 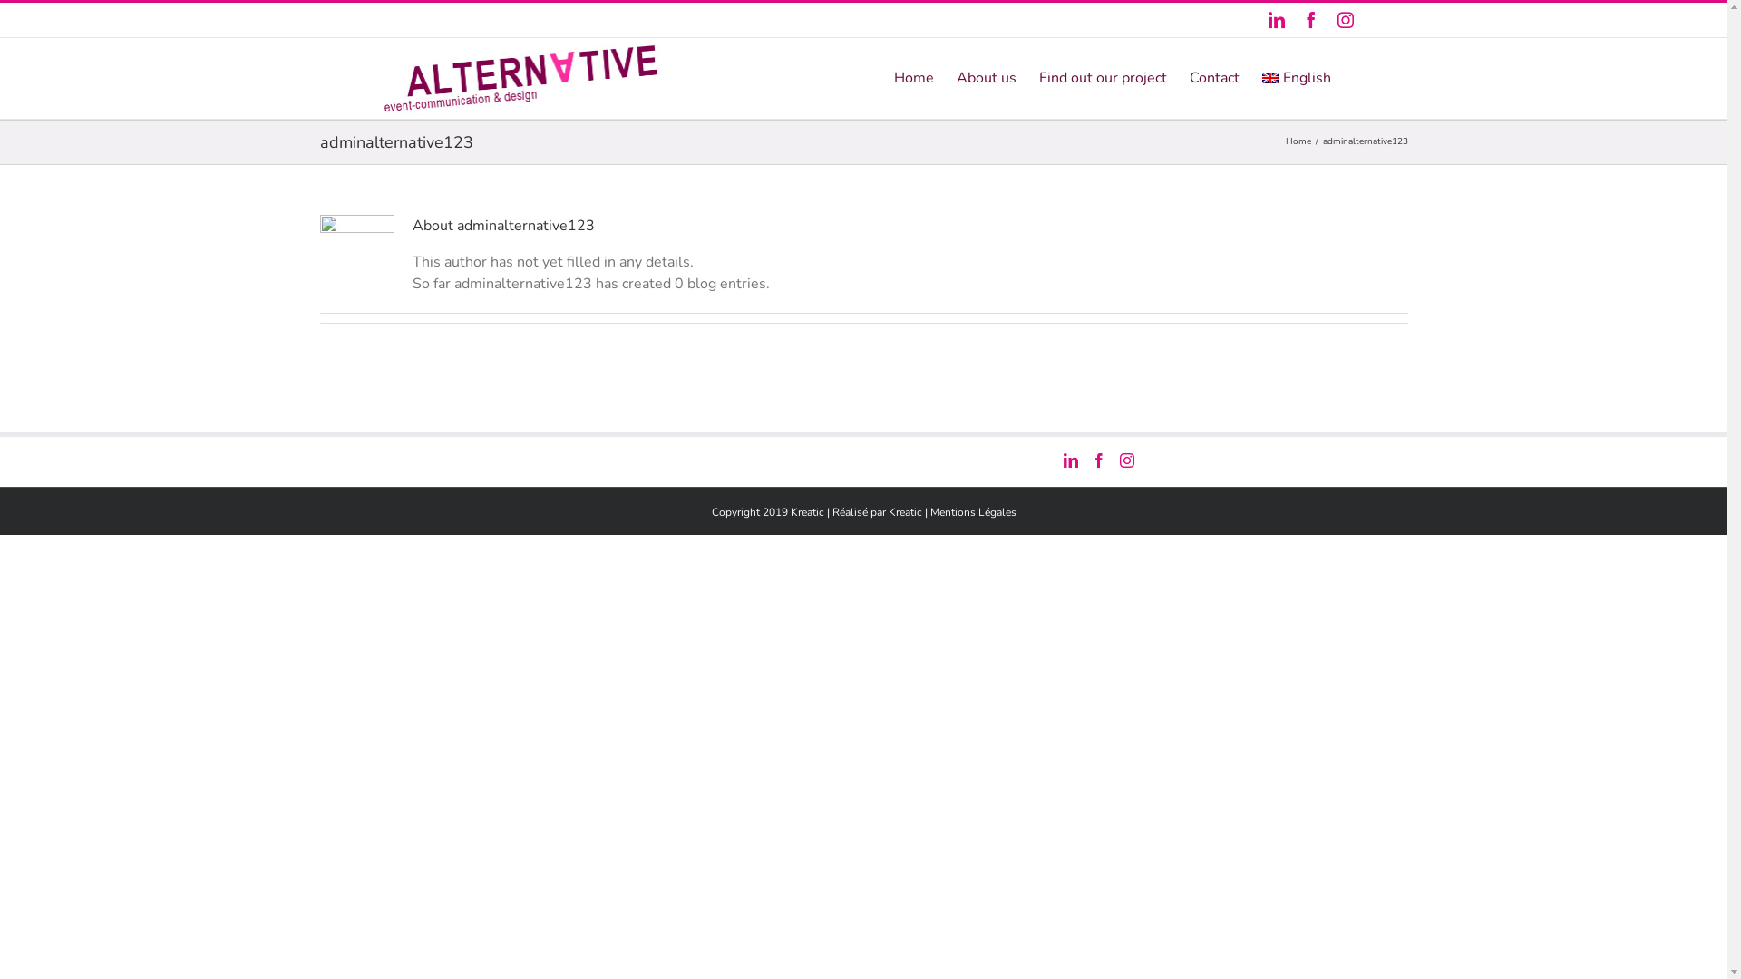 What do you see at coordinates (1102, 75) in the screenshot?
I see `'Find out our project'` at bounding box center [1102, 75].